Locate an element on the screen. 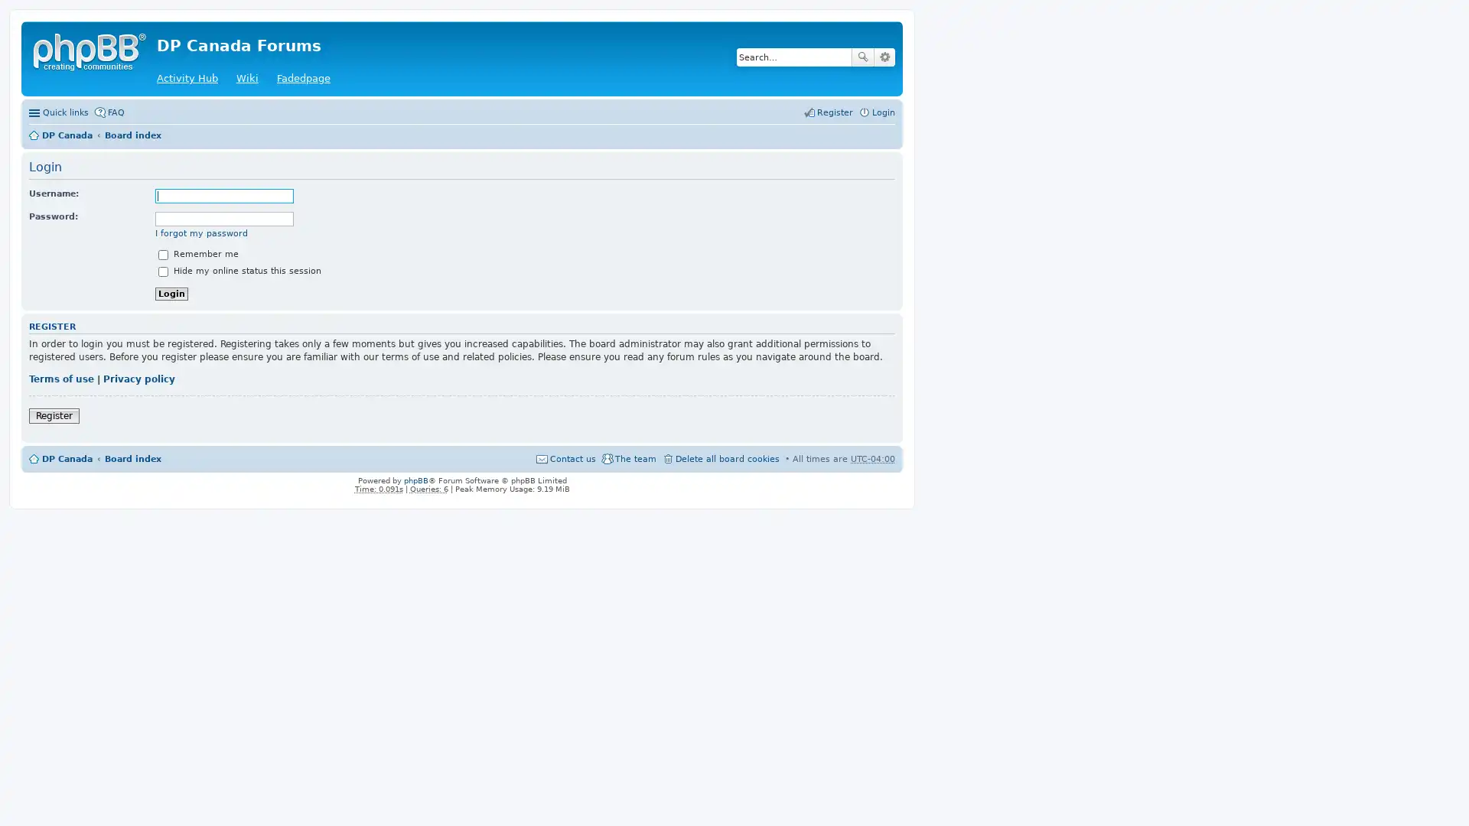 The height and width of the screenshot is (826, 1469). Search is located at coordinates (863, 56).